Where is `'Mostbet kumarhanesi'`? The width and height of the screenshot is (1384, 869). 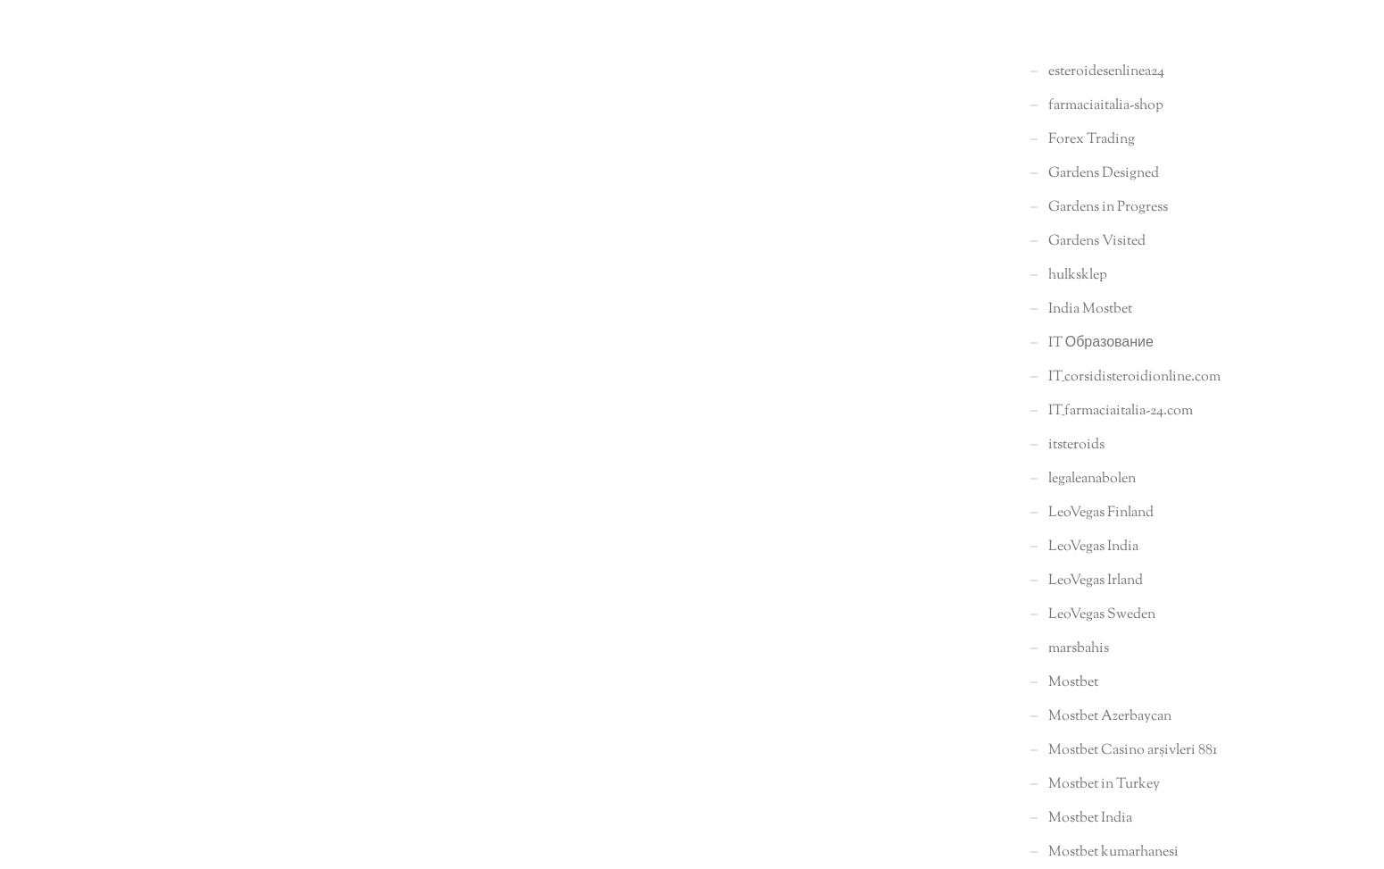
'Mostbet kumarhanesi' is located at coordinates (1112, 850).